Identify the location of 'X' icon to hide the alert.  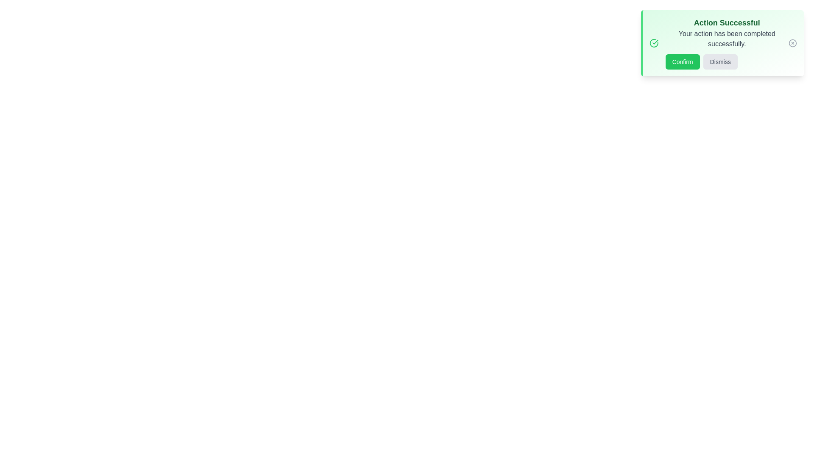
(792, 43).